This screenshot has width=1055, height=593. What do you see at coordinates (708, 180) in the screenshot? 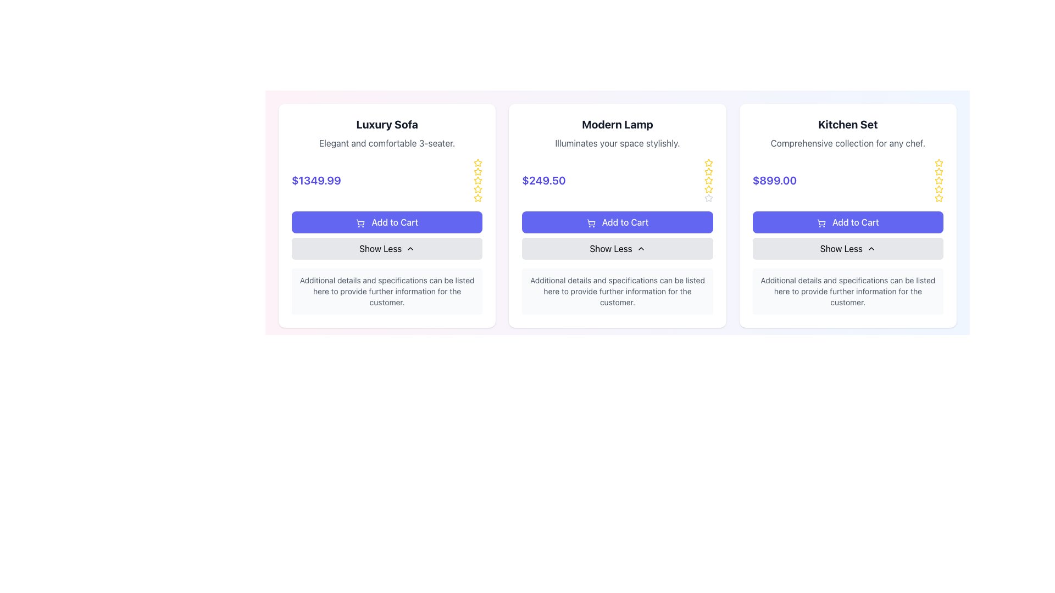
I see `the second star in the rating system under the 'Modern Lamp' product card` at bounding box center [708, 180].